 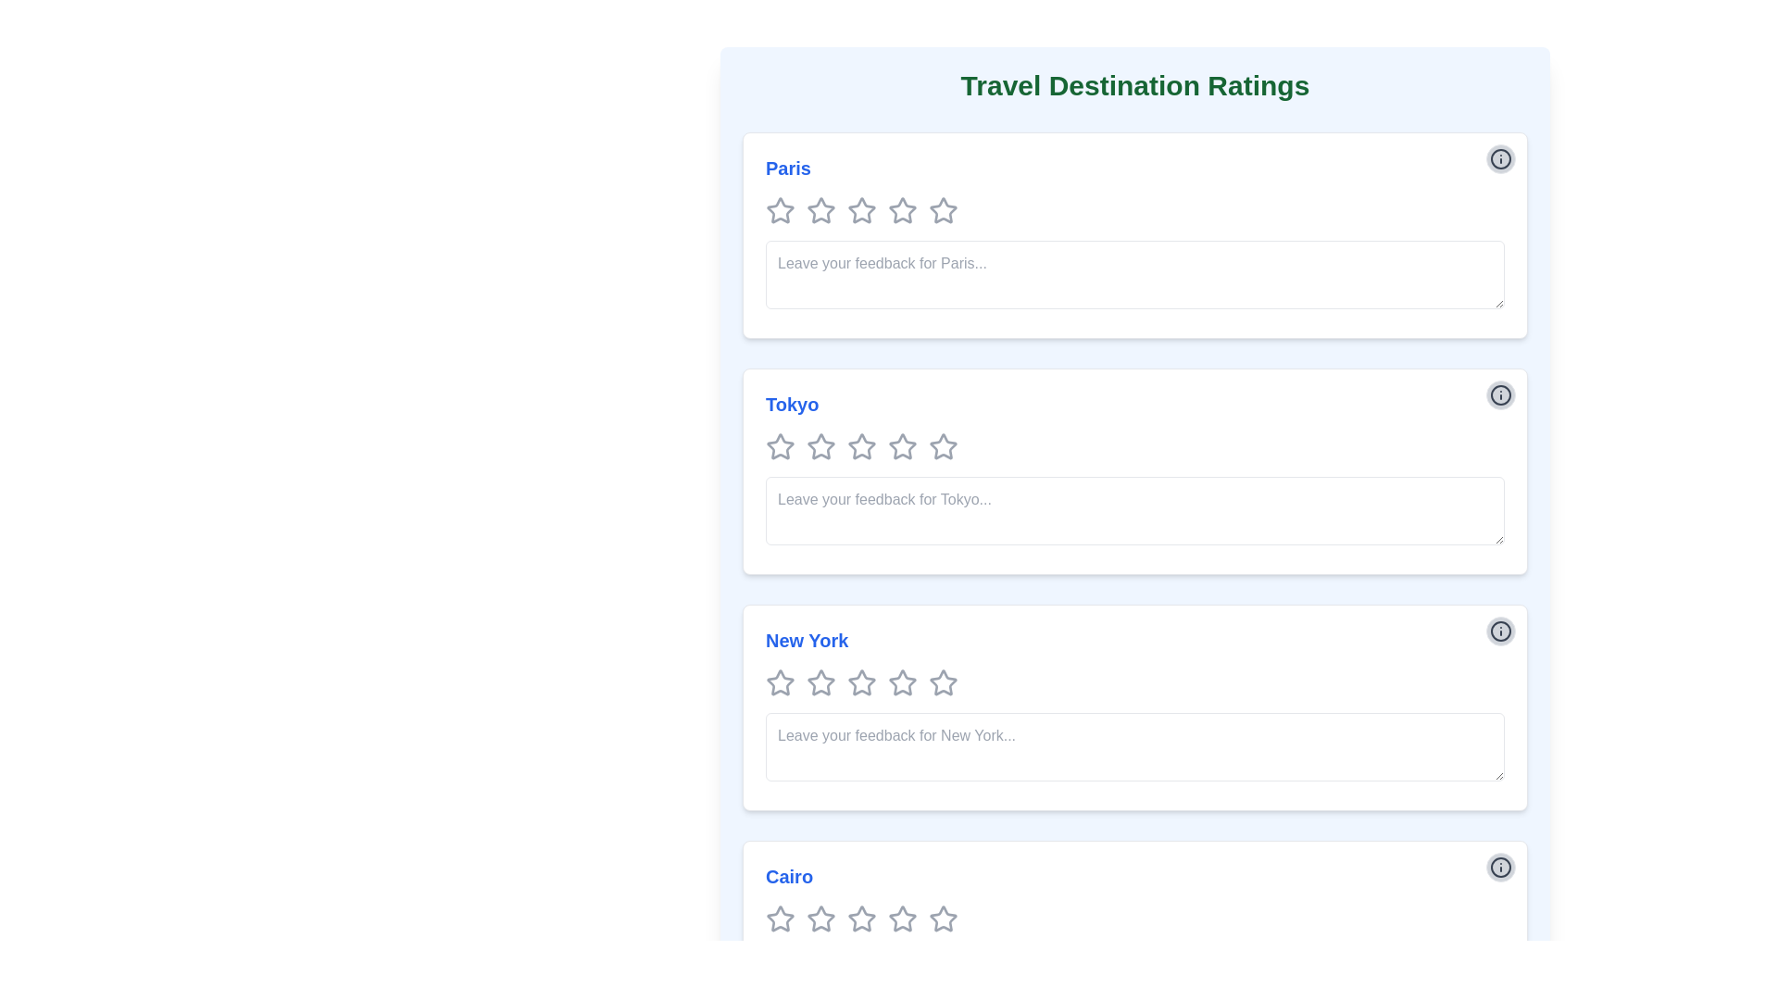 What do you see at coordinates (781, 446) in the screenshot?
I see `the first star icon for the rating system located under the feedback section for 'Tokyo' to trigger a visual feedback effect` at bounding box center [781, 446].